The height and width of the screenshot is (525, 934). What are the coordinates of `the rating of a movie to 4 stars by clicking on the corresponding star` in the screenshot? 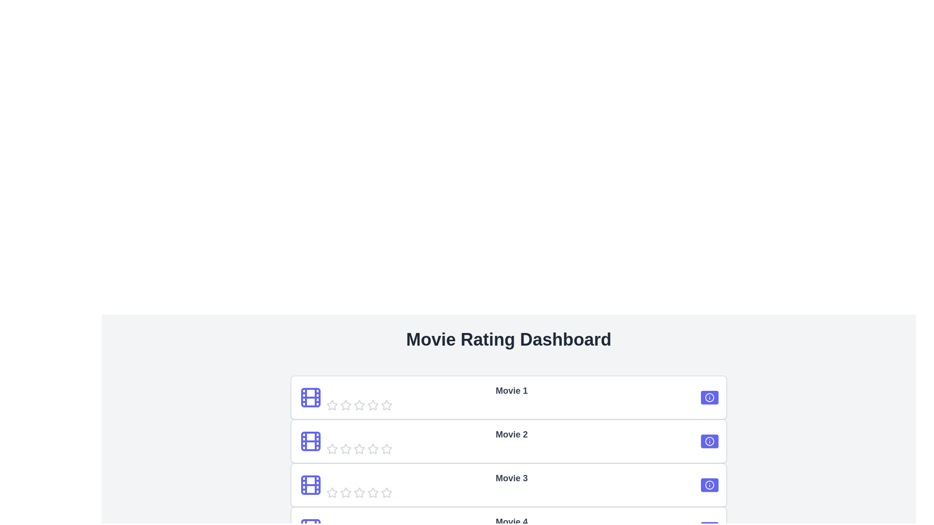 It's located at (373, 405).